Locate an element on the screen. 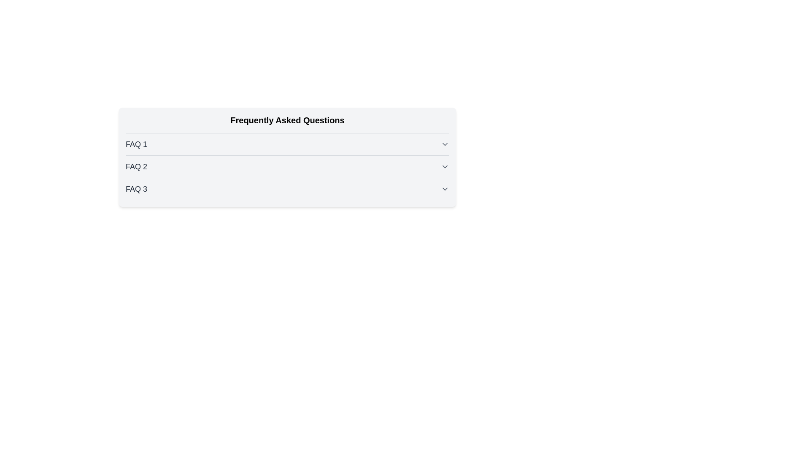  the 'FAQ 3' dropdown list item, which is the third item in the FAQ list is located at coordinates (287, 186).